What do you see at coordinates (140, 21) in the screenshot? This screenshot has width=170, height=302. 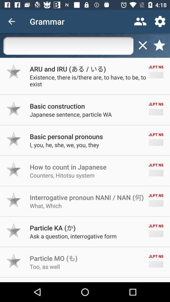 I see `the item to the right of grammar` at bounding box center [140, 21].